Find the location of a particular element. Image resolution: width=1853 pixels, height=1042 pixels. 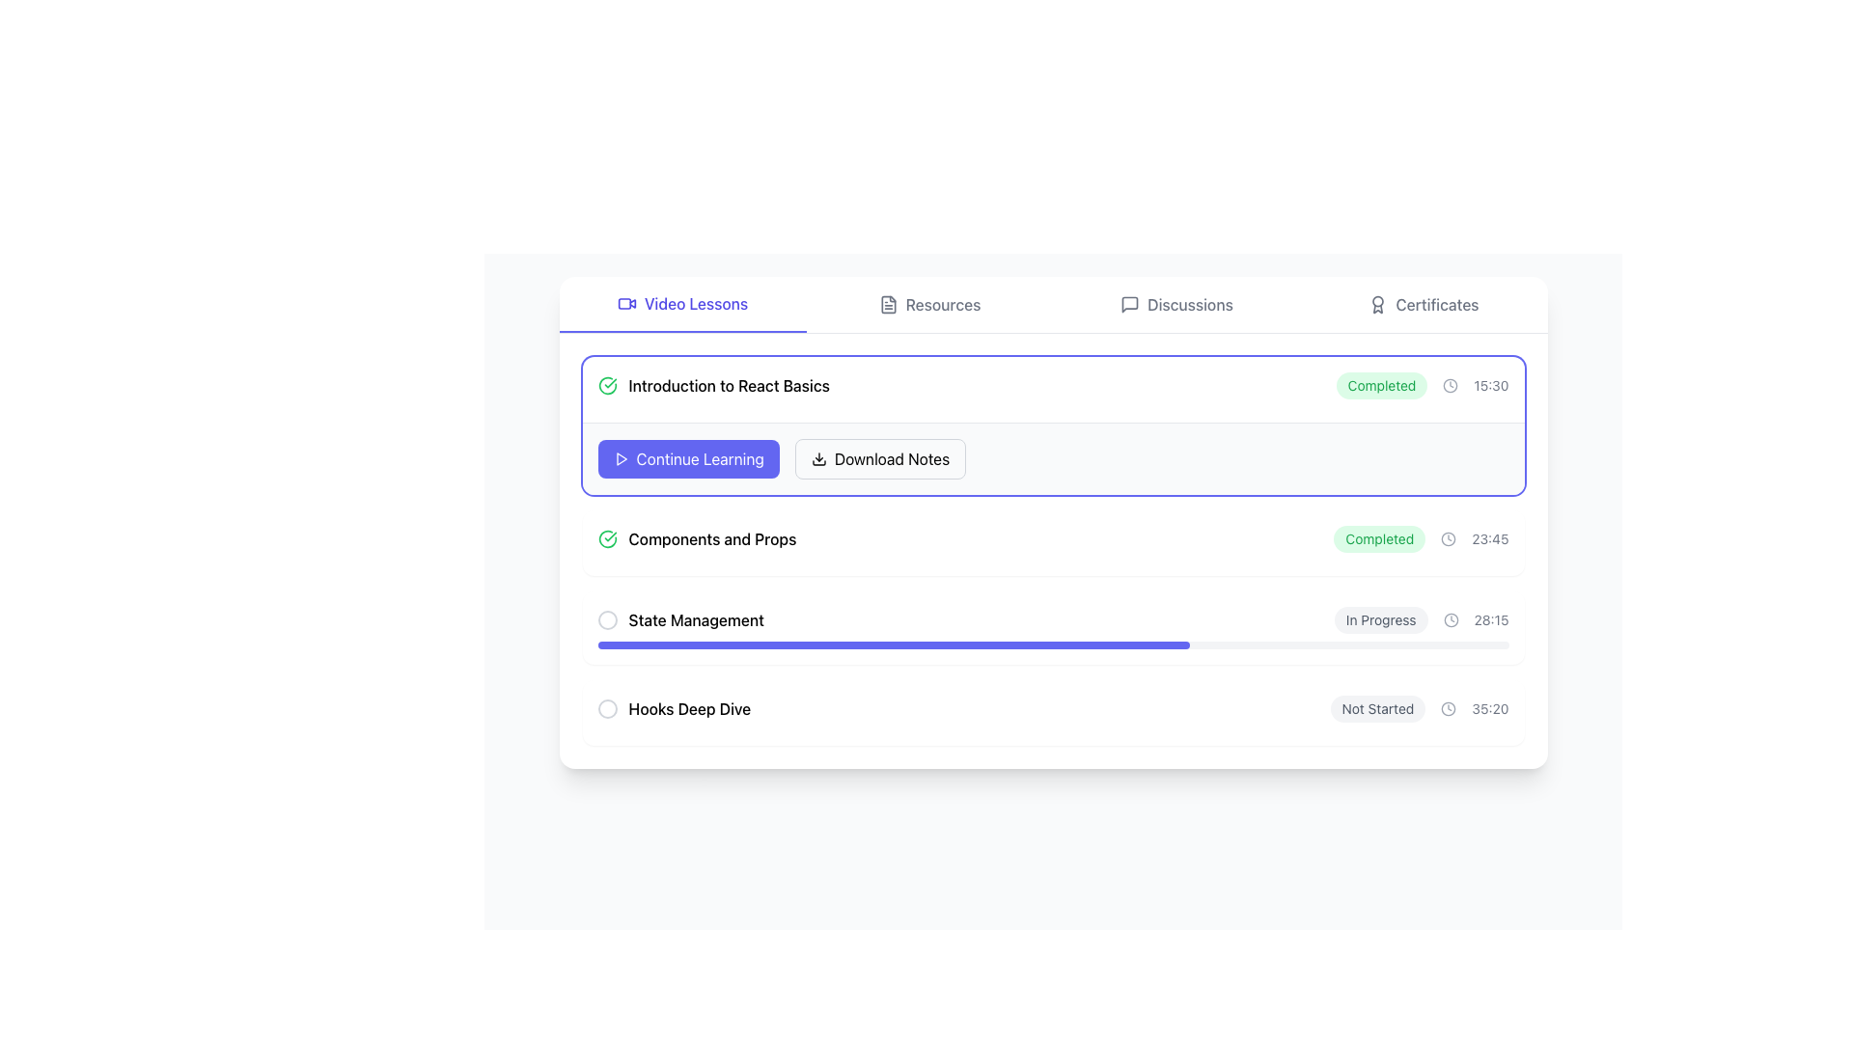

the Composite element that consists of a green badge with 'Completed', a small clock icon, and the text '15:30' in gray, located in the top-right section of the 'Introduction to React Basics' card is located at coordinates (1422, 386).